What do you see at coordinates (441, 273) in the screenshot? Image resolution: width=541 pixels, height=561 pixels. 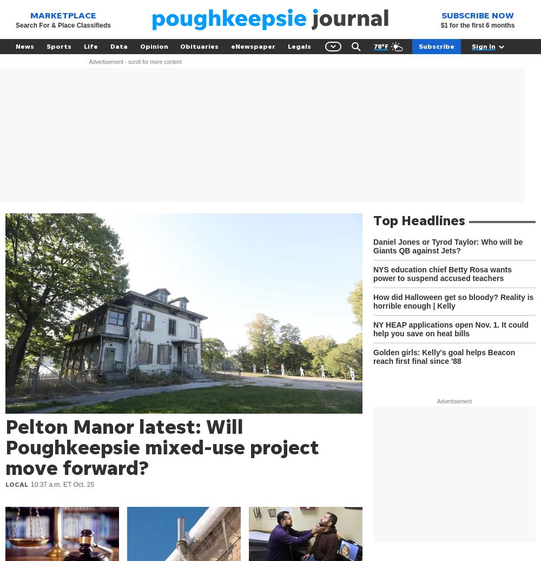 I see `'NYS education chief Betty Rosa wants power to suspend accused teachers'` at bounding box center [441, 273].